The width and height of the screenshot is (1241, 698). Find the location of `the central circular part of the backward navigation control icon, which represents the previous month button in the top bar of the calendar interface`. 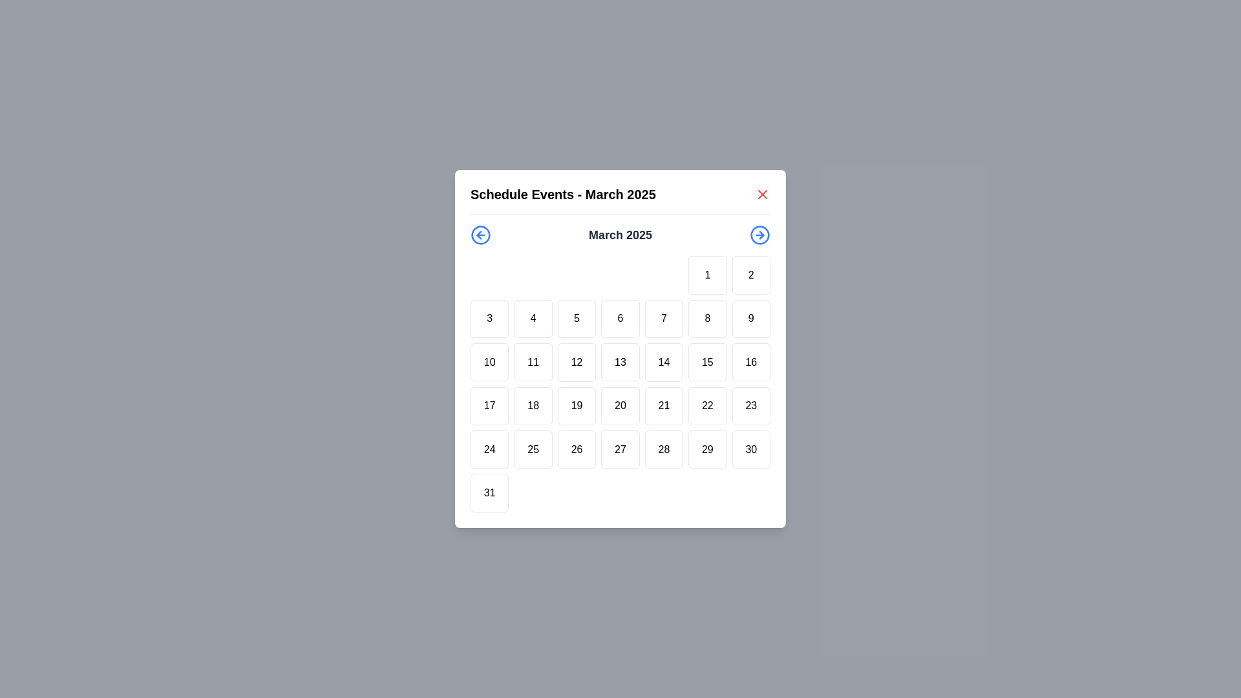

the central circular part of the backward navigation control icon, which represents the previous month button in the top bar of the calendar interface is located at coordinates (480, 235).